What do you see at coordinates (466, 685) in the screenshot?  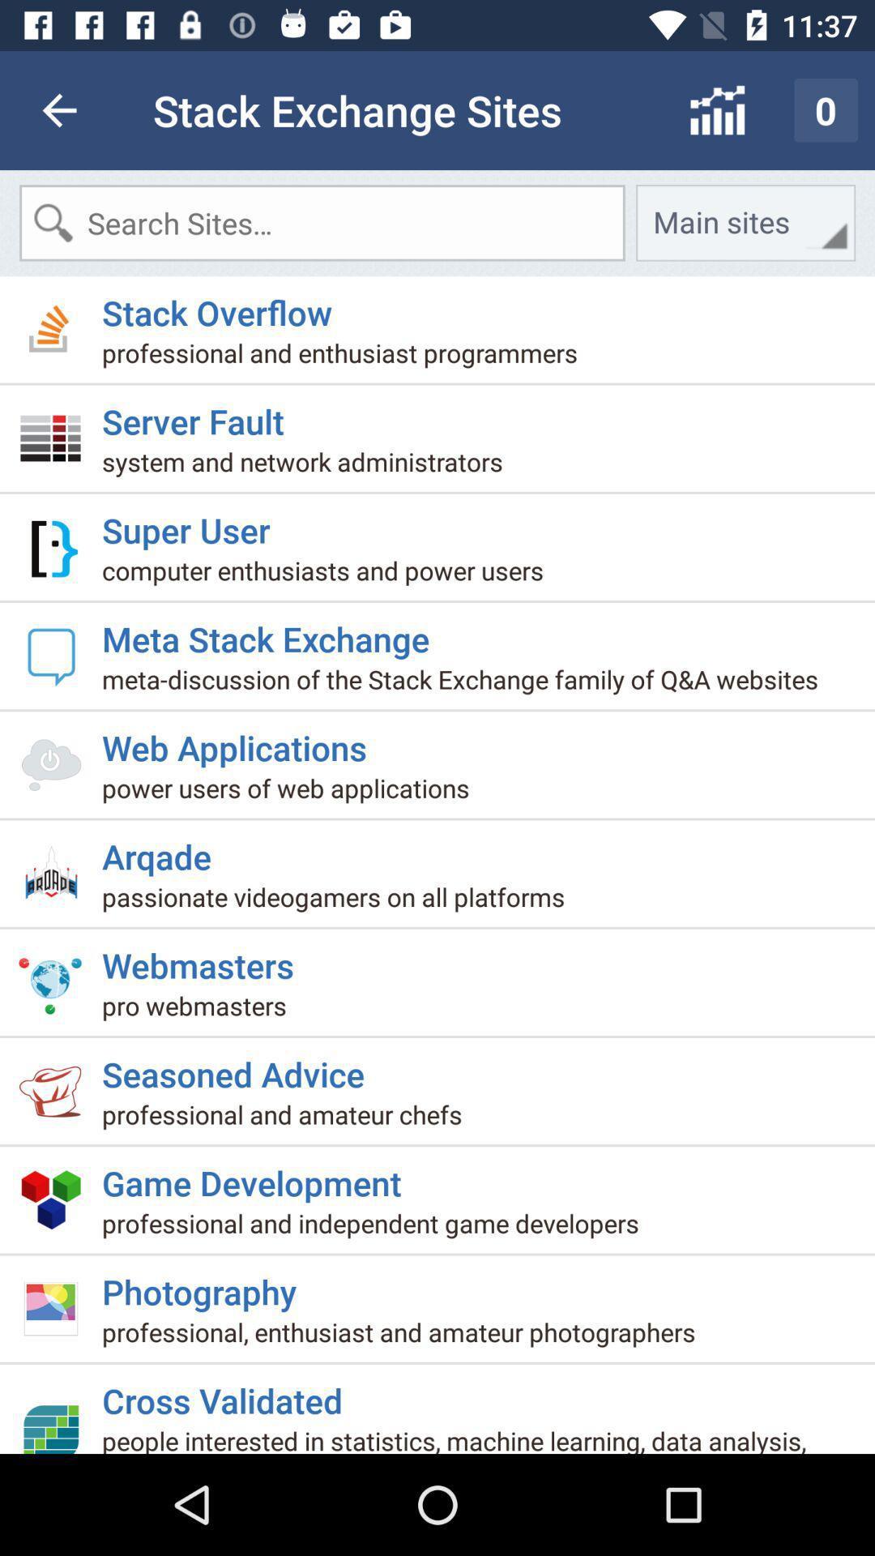 I see `the item below the meta stack exchange item` at bounding box center [466, 685].